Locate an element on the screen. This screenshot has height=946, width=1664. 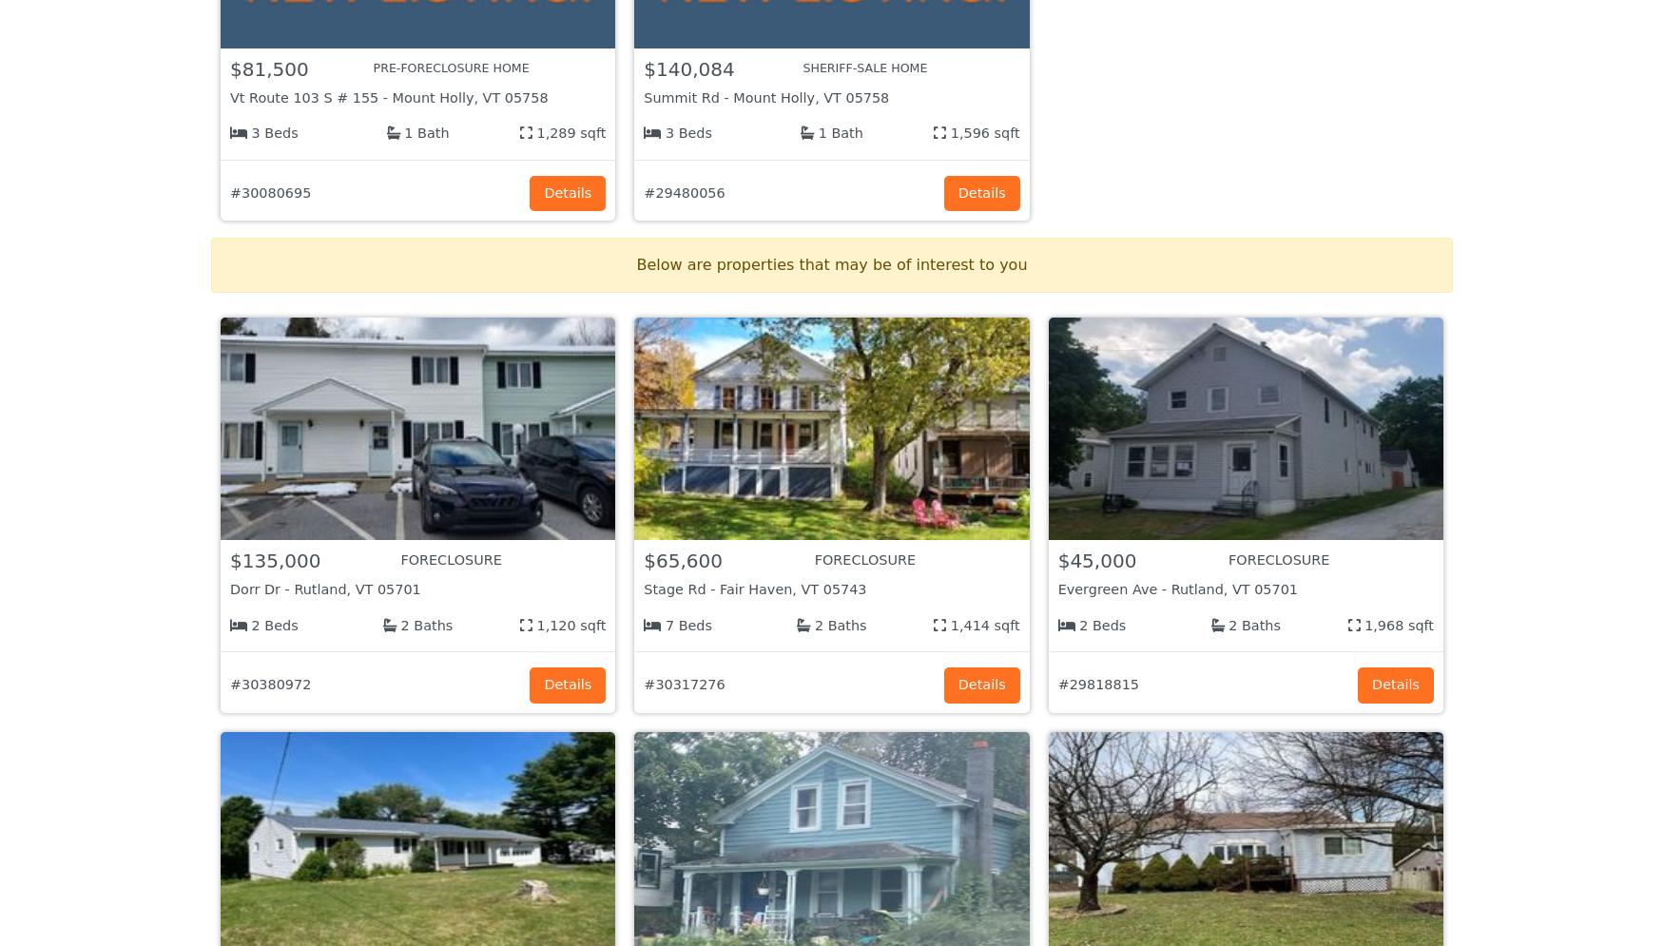
'Mount Holly Foreclosures by Zip Codes' is located at coordinates (421, 555).